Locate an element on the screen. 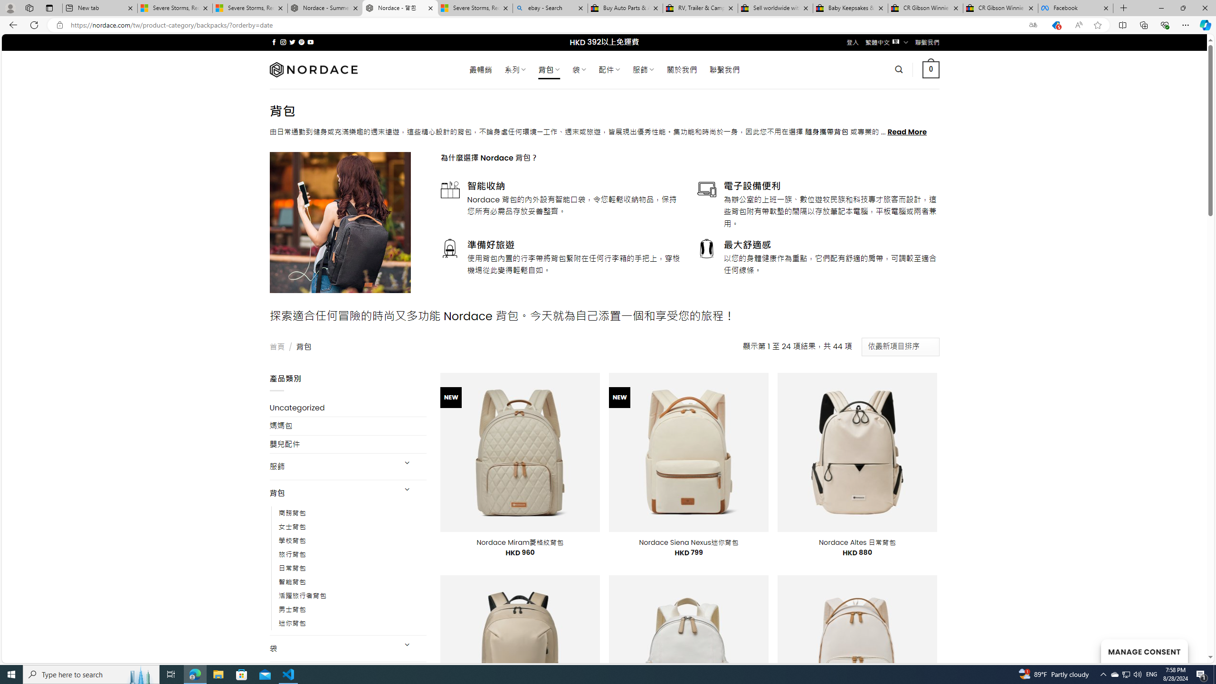 This screenshot has width=1216, height=684. 'Nordace - Summer Adventures 2024' is located at coordinates (325, 8).